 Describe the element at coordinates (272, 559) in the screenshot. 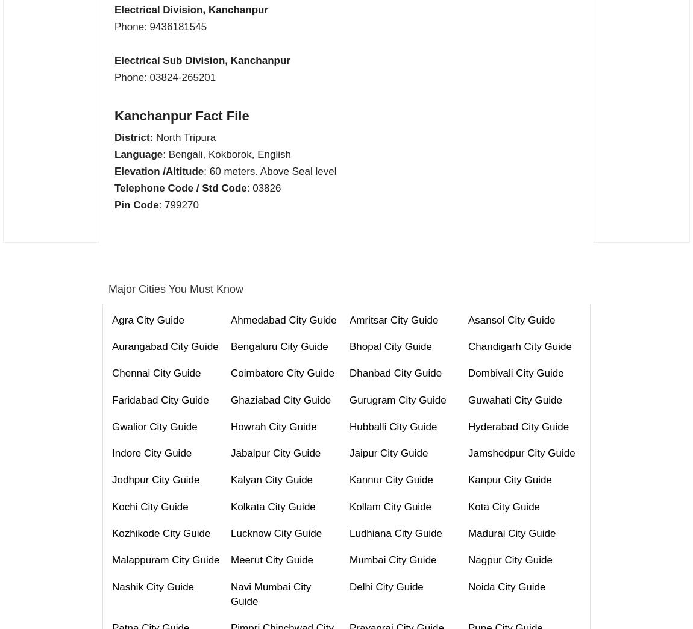

I see `'Meerut City Guide'` at that location.